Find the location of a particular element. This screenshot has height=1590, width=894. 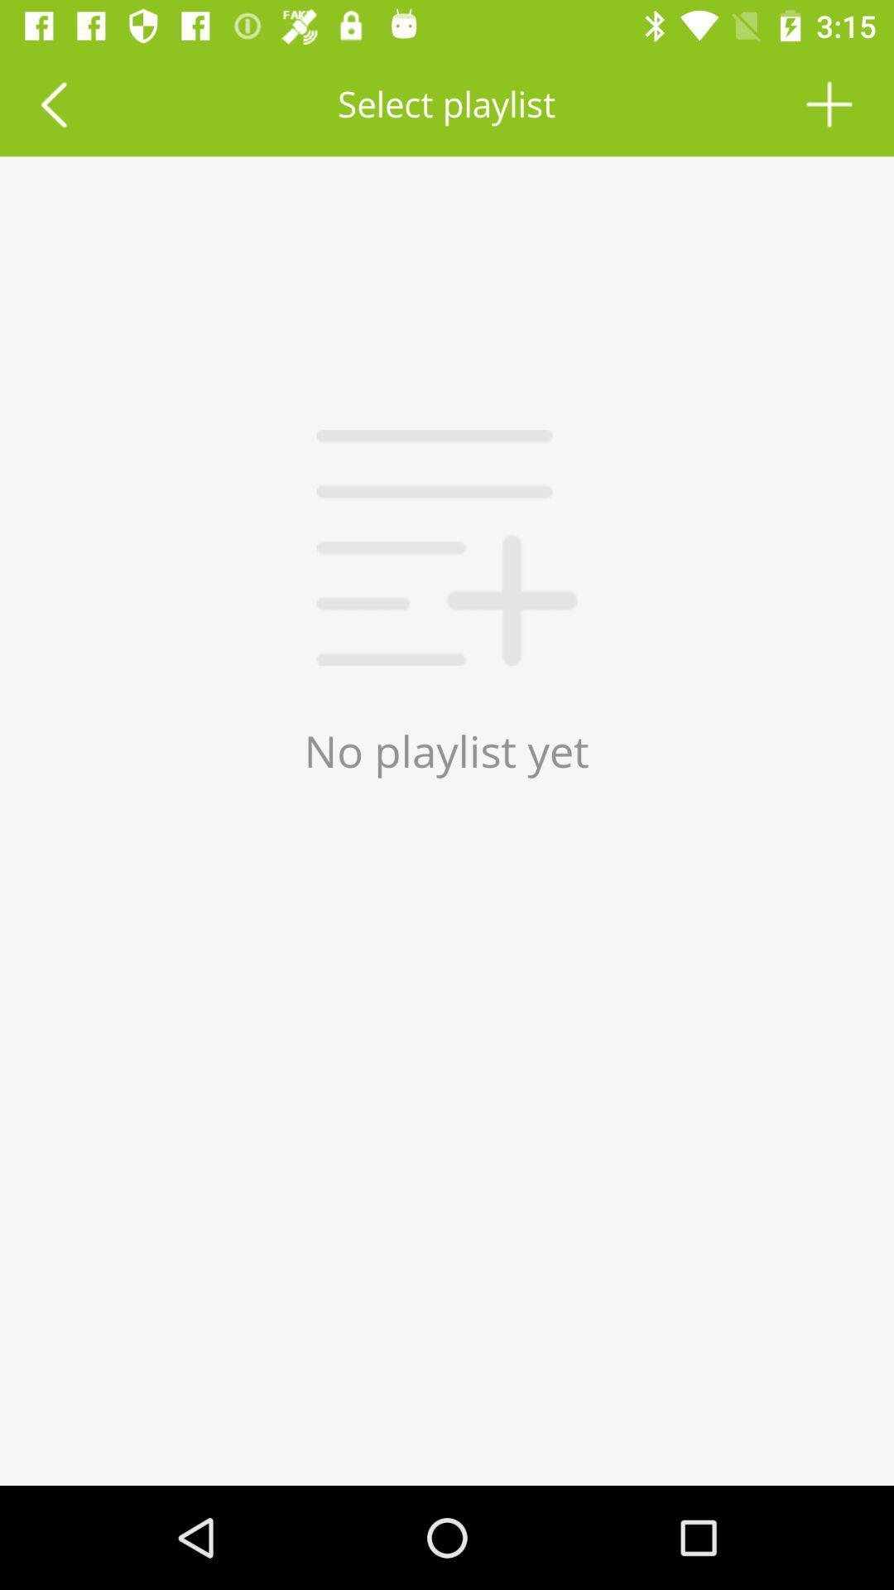

go back is located at coordinates (52, 103).